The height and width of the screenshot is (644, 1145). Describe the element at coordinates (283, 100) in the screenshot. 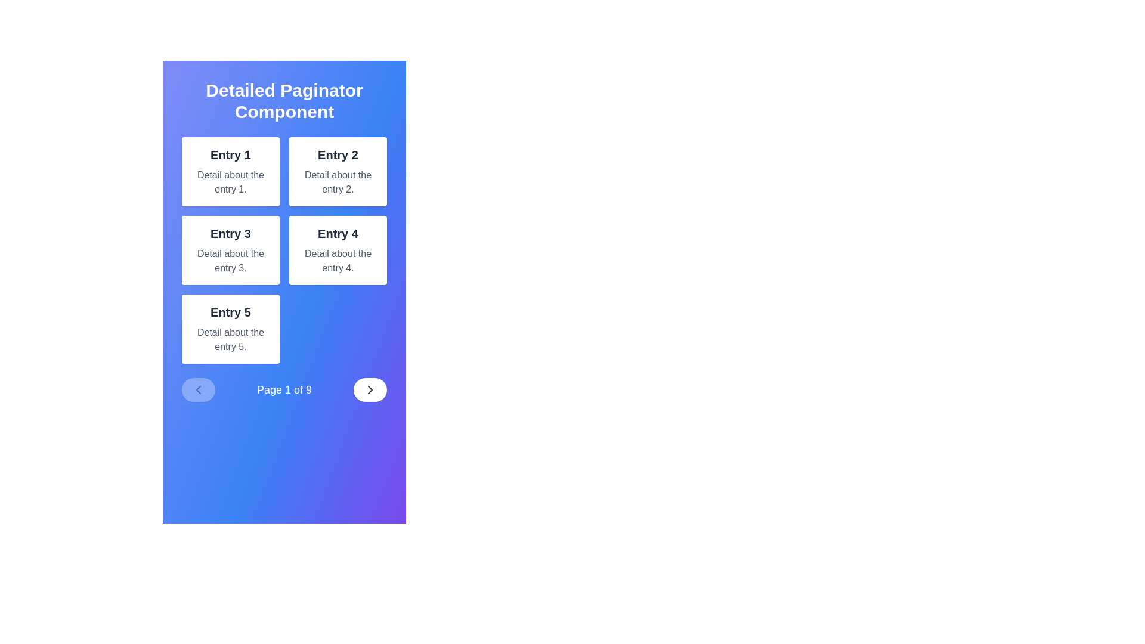

I see `text element displaying 'Detailed Paginator Component' at the top of the page for further details` at that location.